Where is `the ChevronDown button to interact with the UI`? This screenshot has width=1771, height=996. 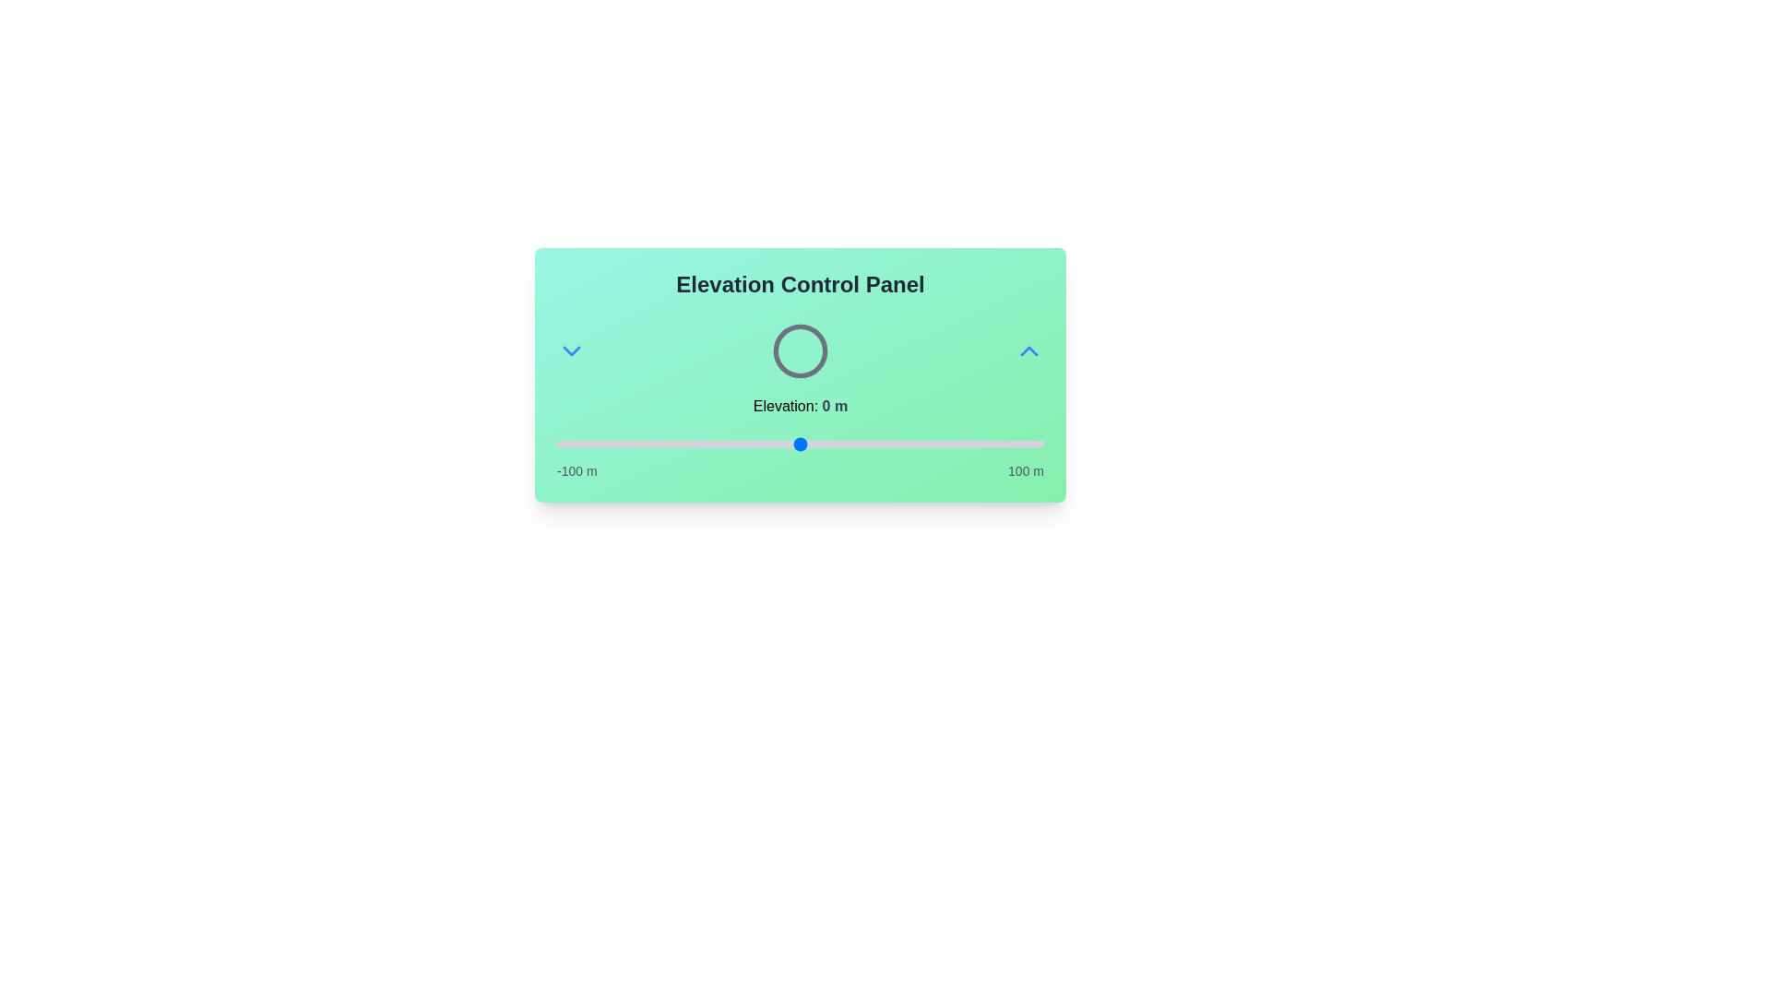 the ChevronDown button to interact with the UI is located at coordinates (570, 351).